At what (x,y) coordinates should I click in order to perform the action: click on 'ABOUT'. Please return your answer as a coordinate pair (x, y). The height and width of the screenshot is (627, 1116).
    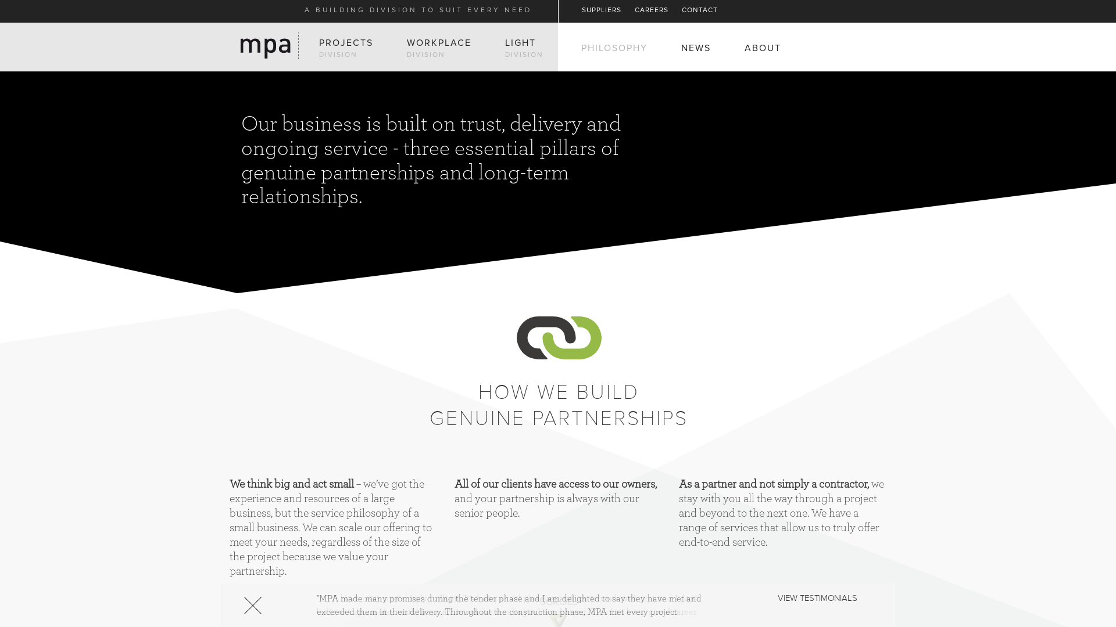
    Looking at the image, I should click on (763, 48).